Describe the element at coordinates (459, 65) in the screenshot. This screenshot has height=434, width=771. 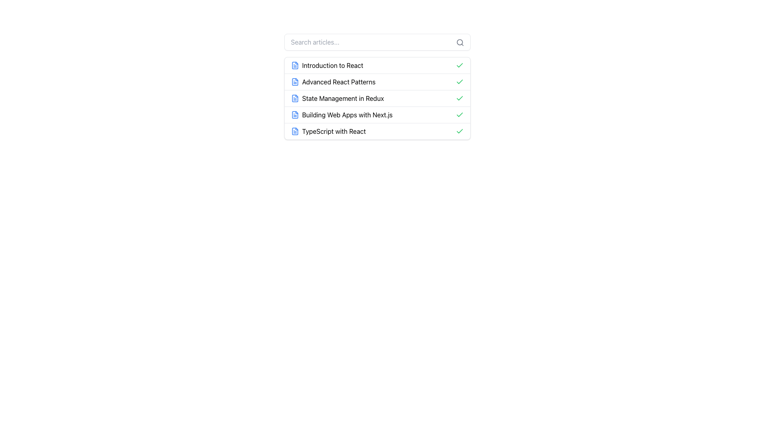
I see `the green checkmark icon located at the far-right side of the row associated with 'Introduction to React'` at that location.